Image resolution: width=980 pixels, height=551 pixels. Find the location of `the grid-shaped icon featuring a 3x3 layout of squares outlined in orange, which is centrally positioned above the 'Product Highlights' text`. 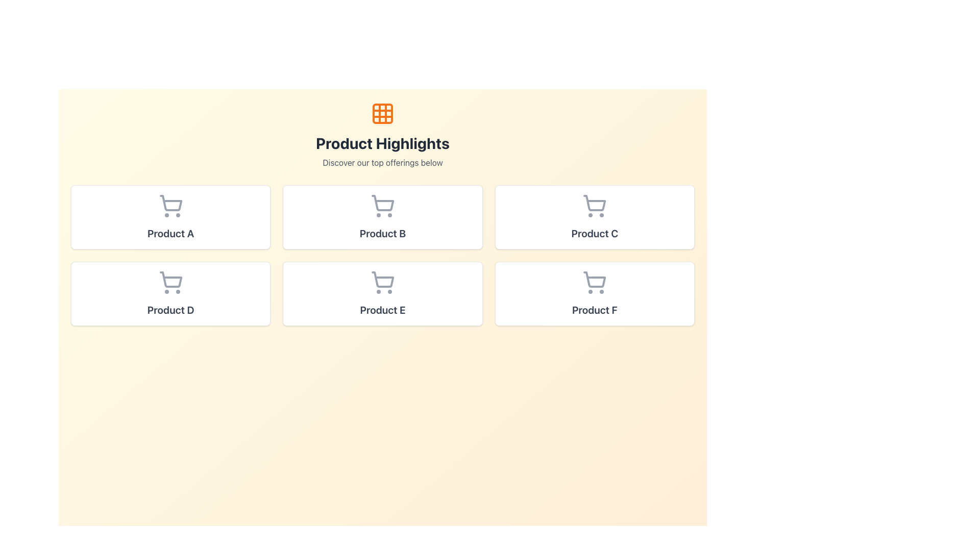

the grid-shaped icon featuring a 3x3 layout of squares outlined in orange, which is centrally positioned above the 'Product Highlights' text is located at coordinates (382, 114).